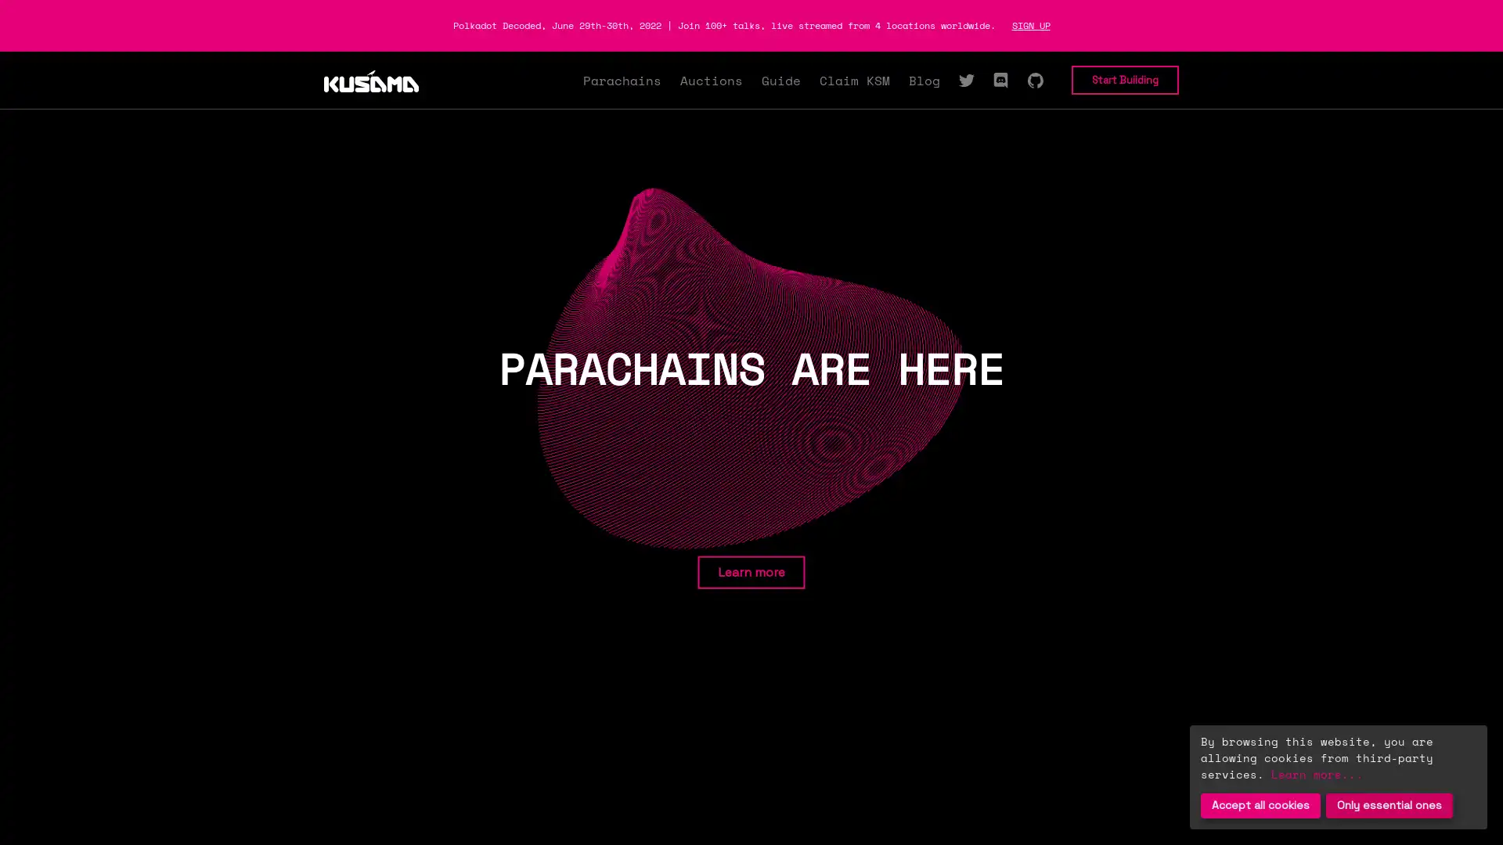 This screenshot has height=845, width=1503. Describe the element at coordinates (1260, 805) in the screenshot. I see `Accept all cookies` at that location.